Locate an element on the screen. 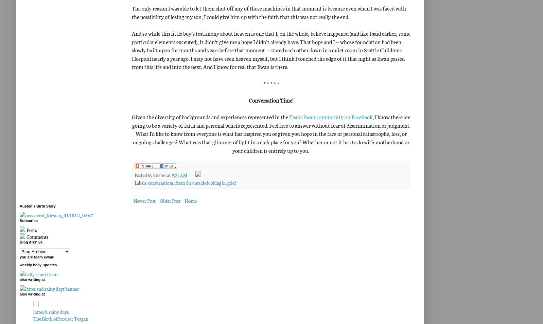  'The only reason I was able to let them shut off any of those machines in that moment is because even when I was faced with the possibility of losing my son, I could give him up with the faith that this was not really the end.' is located at coordinates (269, 12).